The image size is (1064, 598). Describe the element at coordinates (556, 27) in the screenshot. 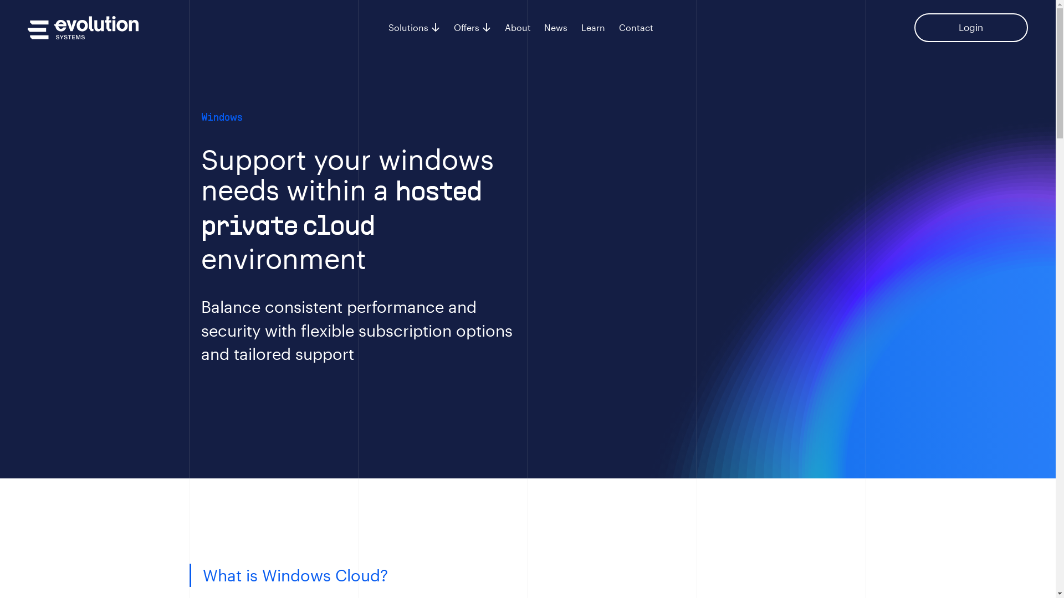

I see `'News'` at that location.